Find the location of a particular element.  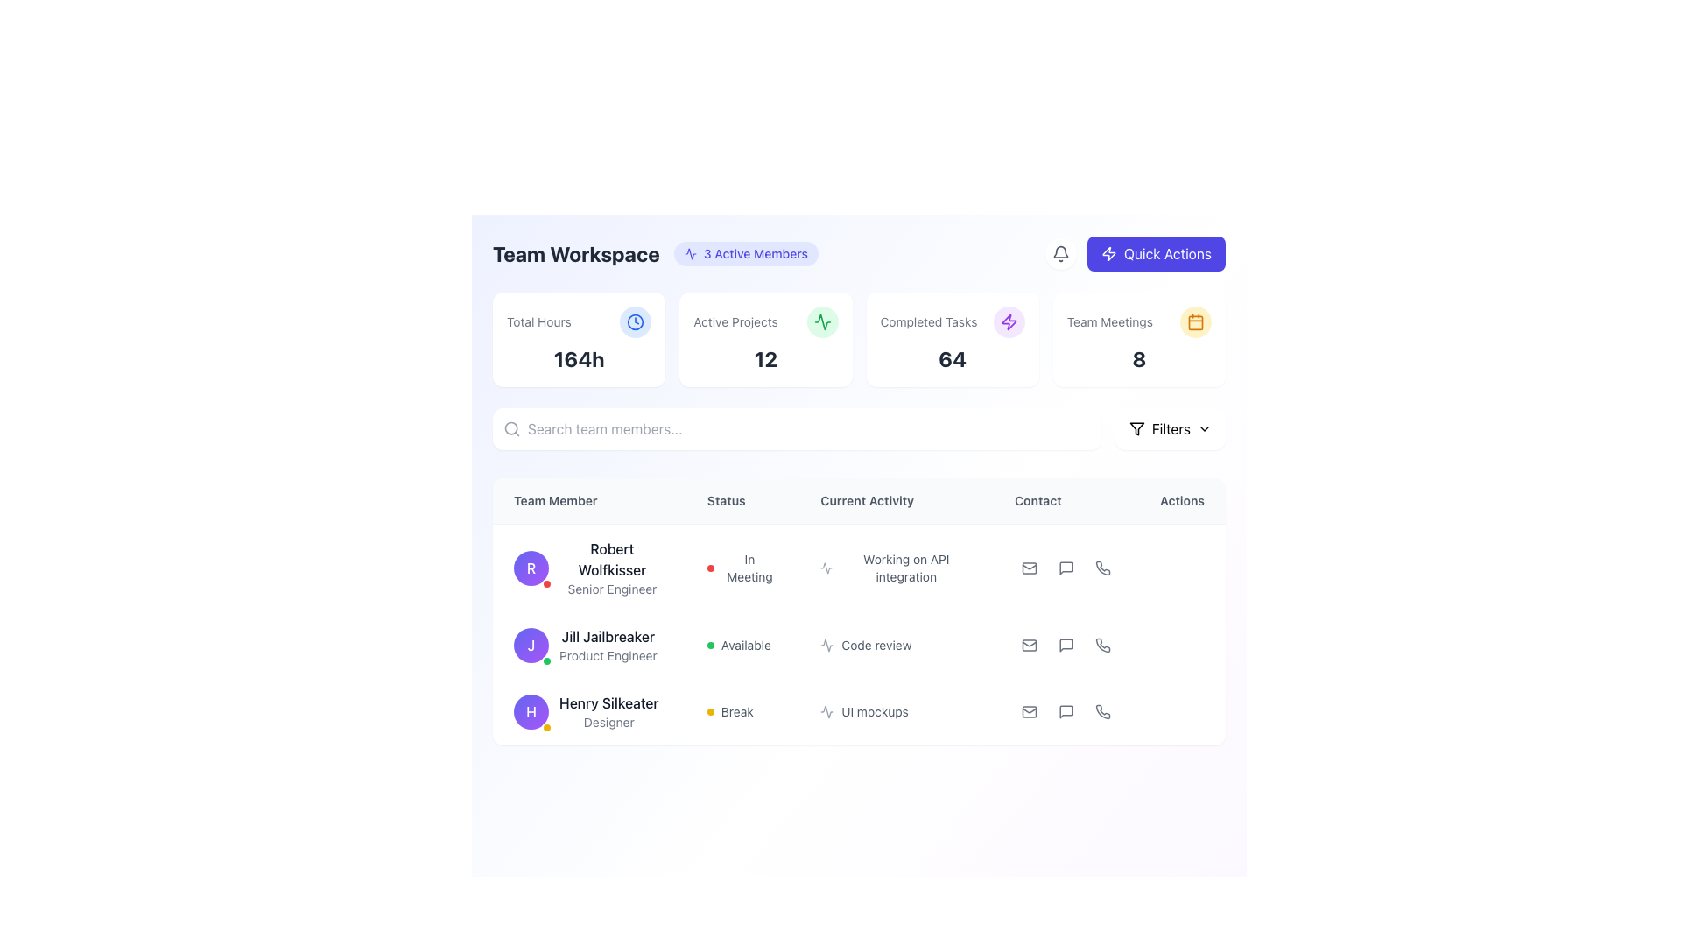

the active projects icon located in the 'Active Projects' card at the top center of the interface, which is the third icon among its siblings is located at coordinates (821, 321).